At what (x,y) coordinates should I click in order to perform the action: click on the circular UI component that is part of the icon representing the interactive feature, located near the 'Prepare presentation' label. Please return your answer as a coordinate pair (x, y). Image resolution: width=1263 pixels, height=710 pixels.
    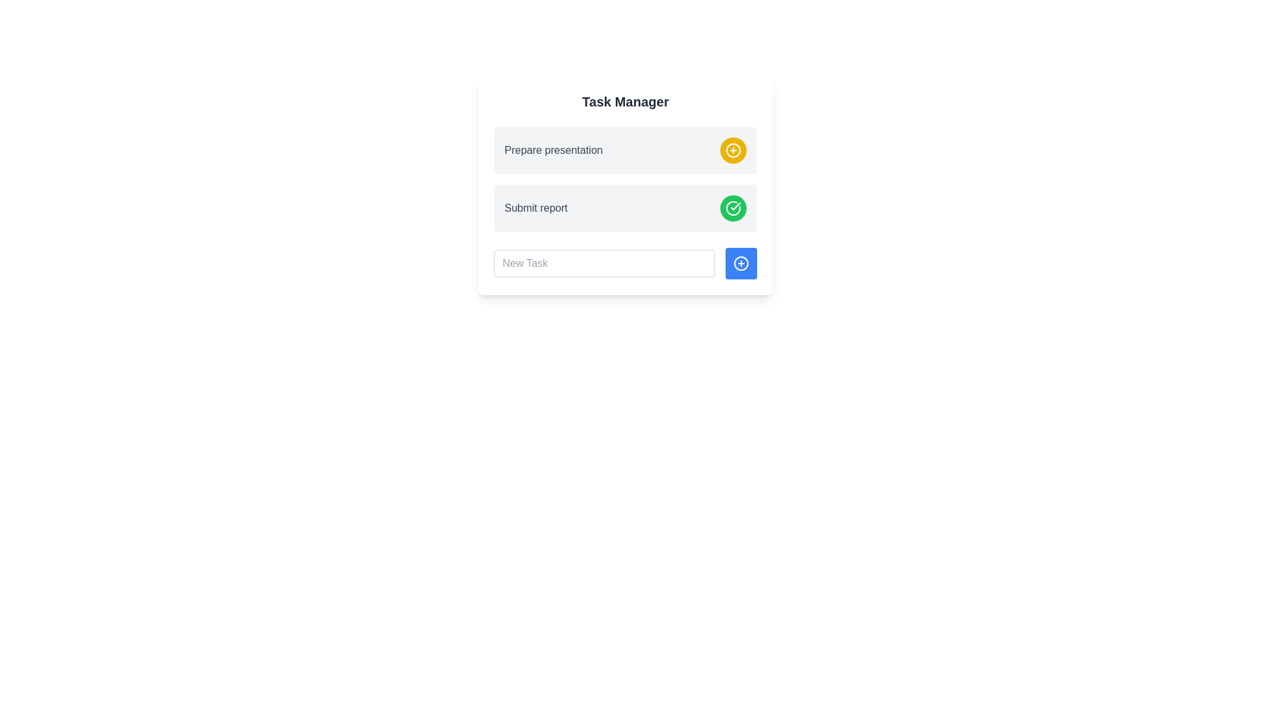
    Looking at the image, I should click on (732, 149).